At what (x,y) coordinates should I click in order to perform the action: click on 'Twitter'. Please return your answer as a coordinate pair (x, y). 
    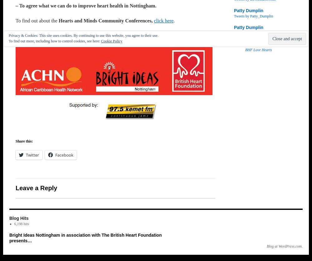
    Looking at the image, I should click on (32, 155).